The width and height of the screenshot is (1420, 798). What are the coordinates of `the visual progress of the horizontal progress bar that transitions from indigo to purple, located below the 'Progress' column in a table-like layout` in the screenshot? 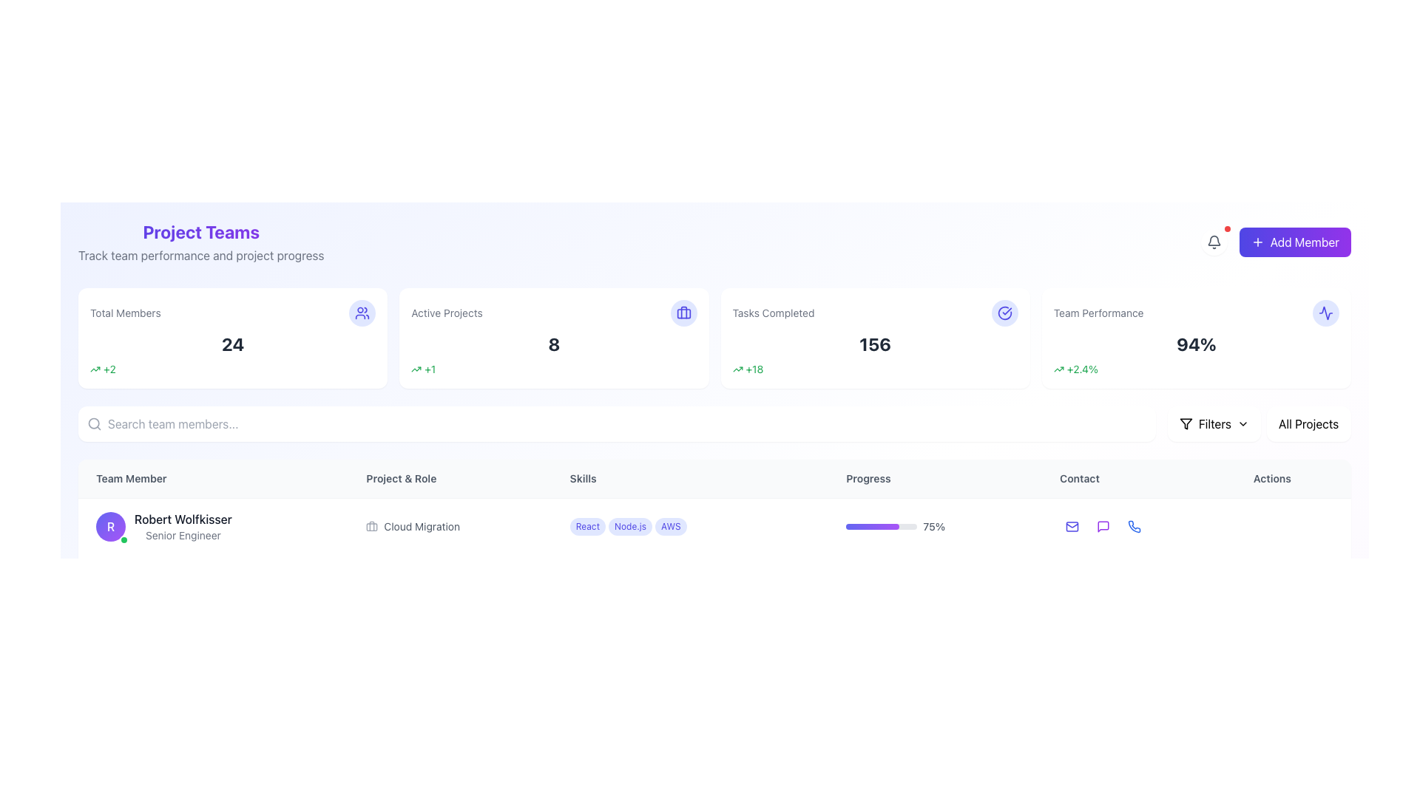 It's located at (878, 638).